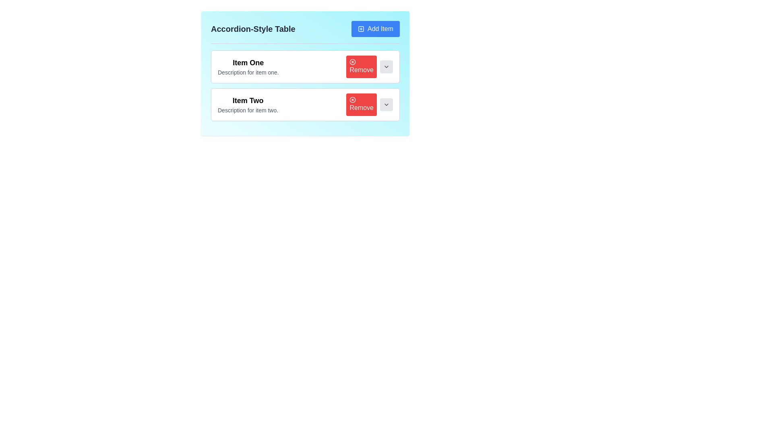 The height and width of the screenshot is (435, 773). What do you see at coordinates (248, 104) in the screenshot?
I see `text in the Descriptive Text Block located in the second list item of the accordion-style table, which provides a title and description for that entry` at bounding box center [248, 104].